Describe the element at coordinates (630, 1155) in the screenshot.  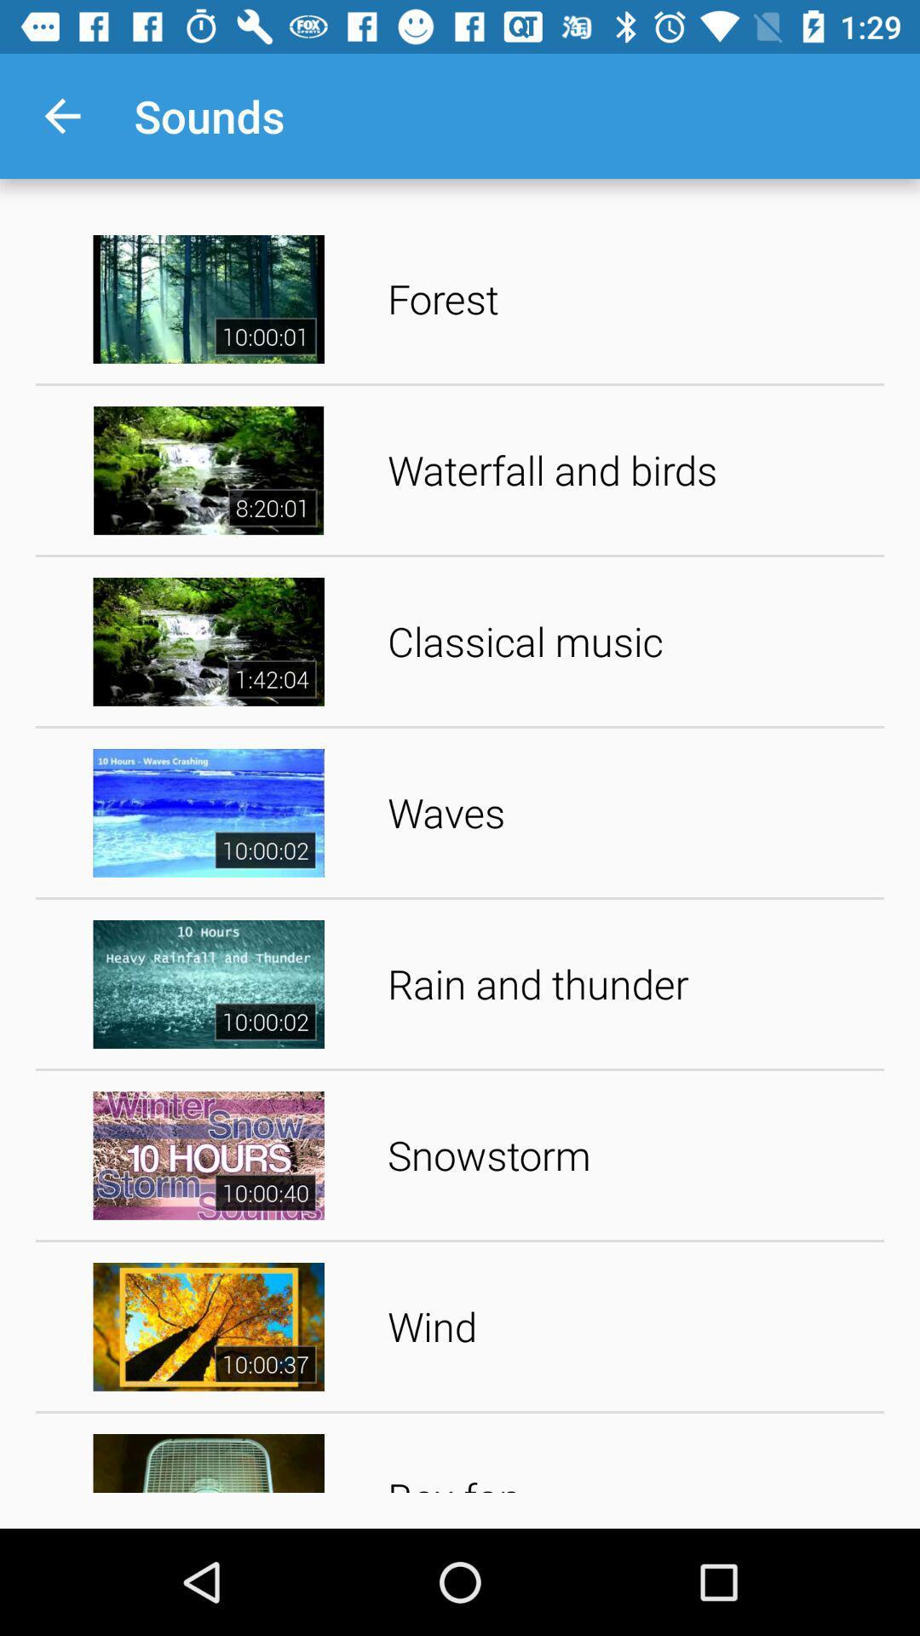
I see `the snowstorm item` at that location.